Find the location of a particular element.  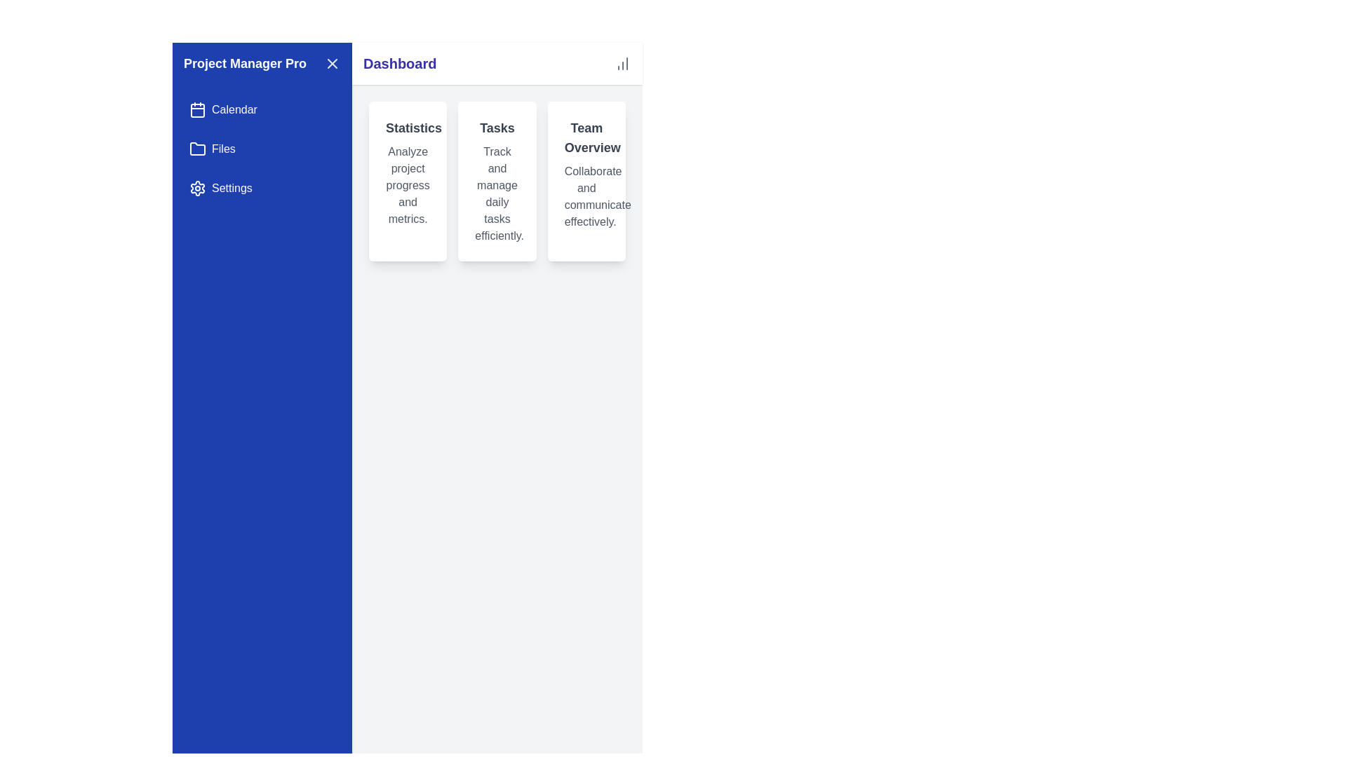

the 'Statistics' text label, which is styled in large, bold gray font at the top of a white shadowed card is located at coordinates (407, 128).